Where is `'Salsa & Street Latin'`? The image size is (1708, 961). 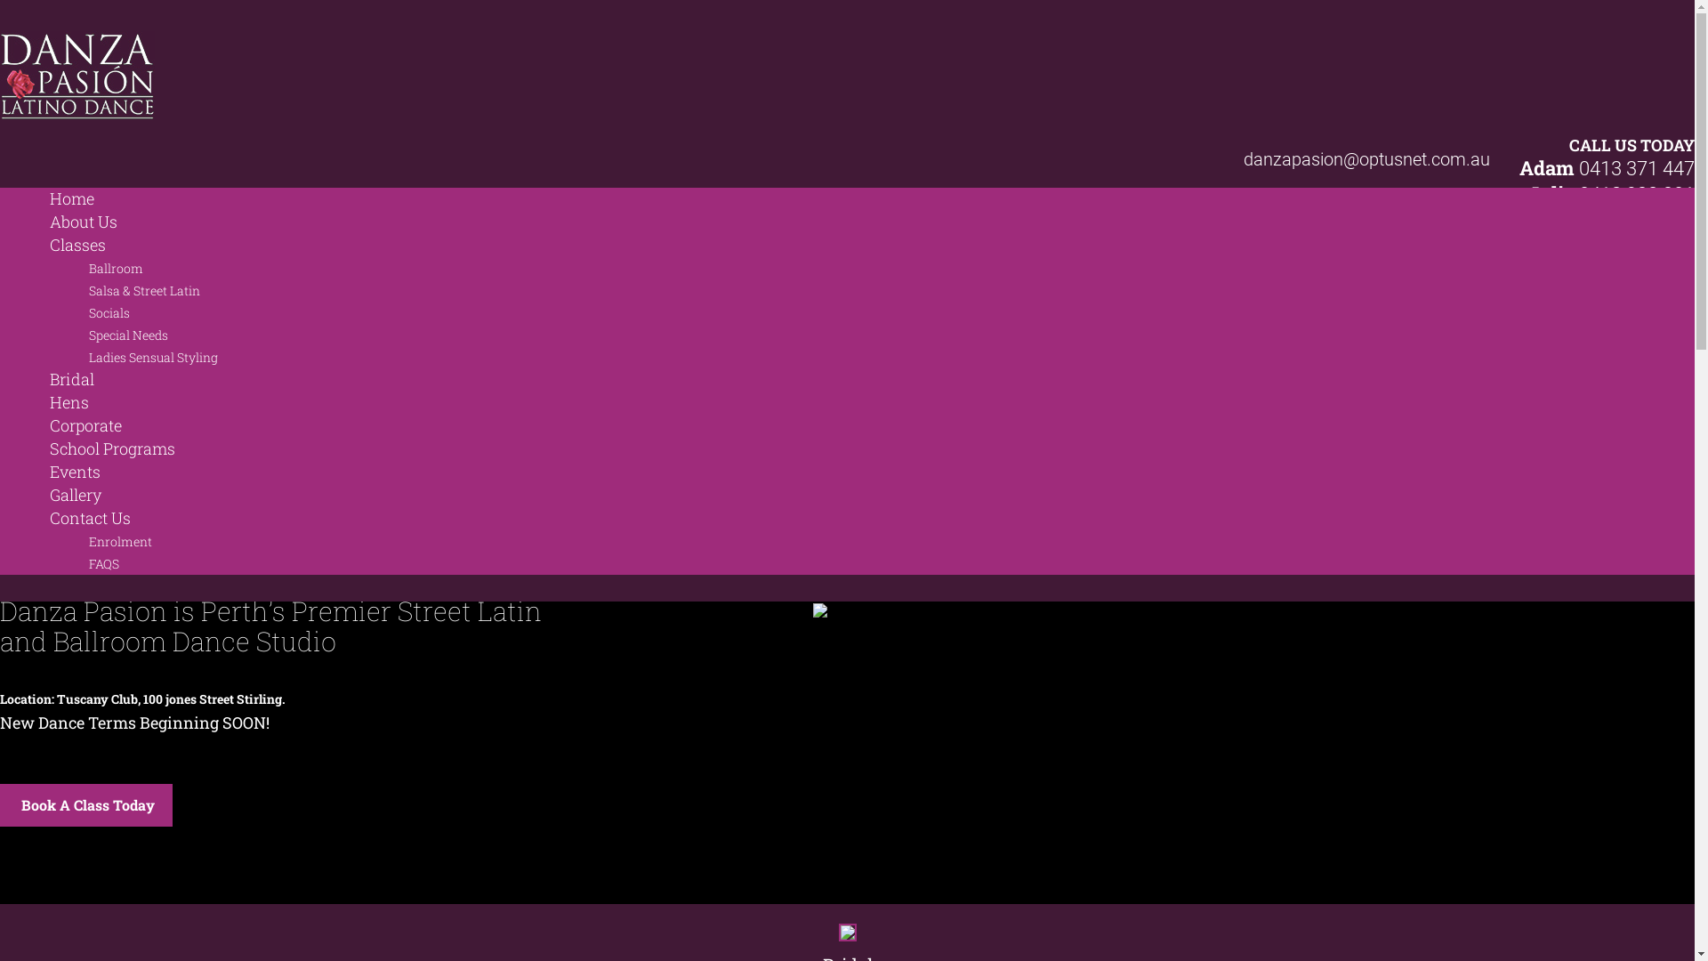 'Salsa & Street Latin' is located at coordinates (144, 289).